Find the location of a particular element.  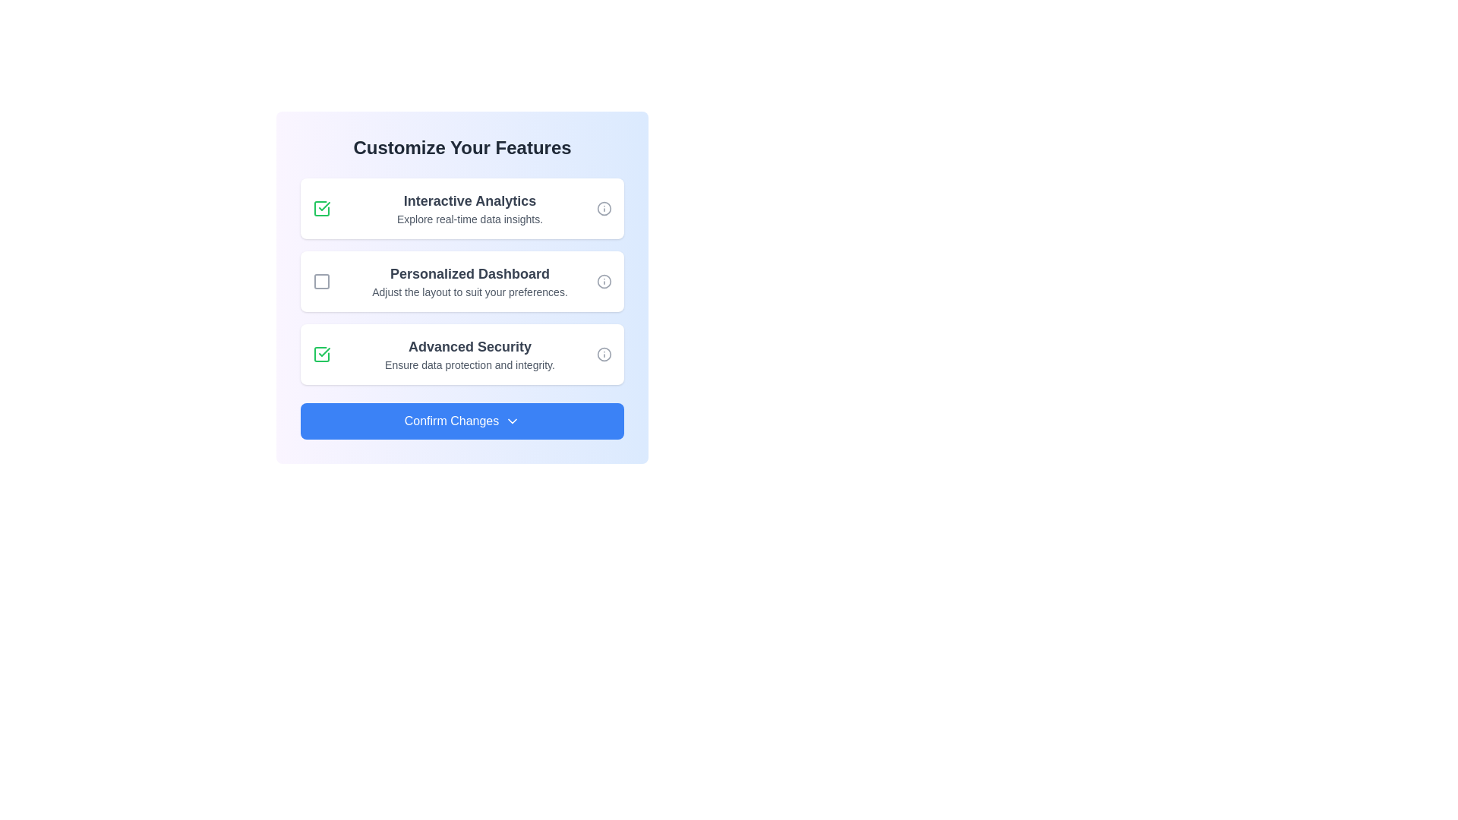

the text label that reads 'Explore real-time data insights.' located beneath the 'Interactive Analytics' header is located at coordinates (469, 219).